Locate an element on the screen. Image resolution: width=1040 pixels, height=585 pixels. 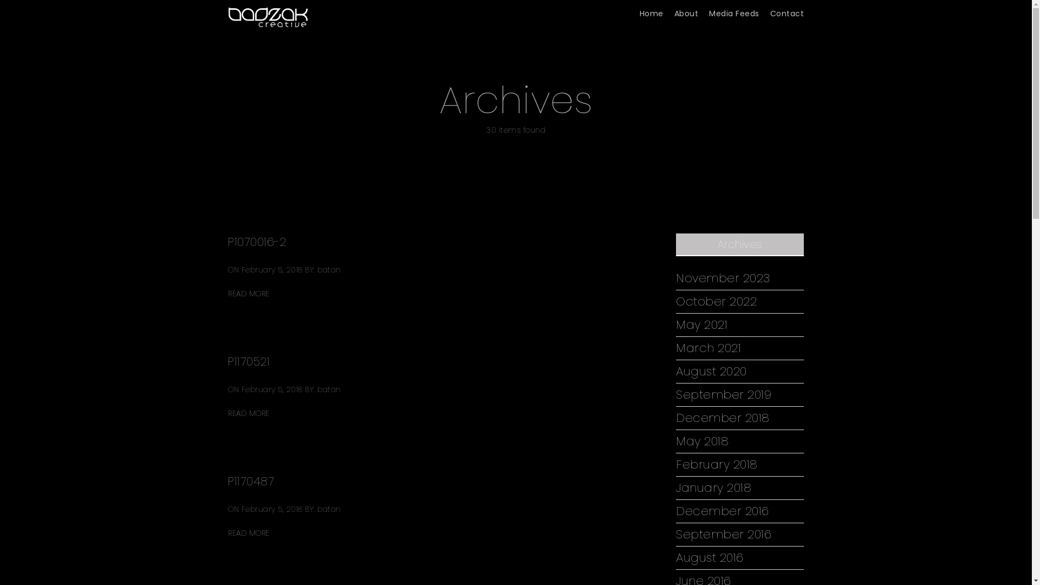
'August 2016' is located at coordinates (710, 557).